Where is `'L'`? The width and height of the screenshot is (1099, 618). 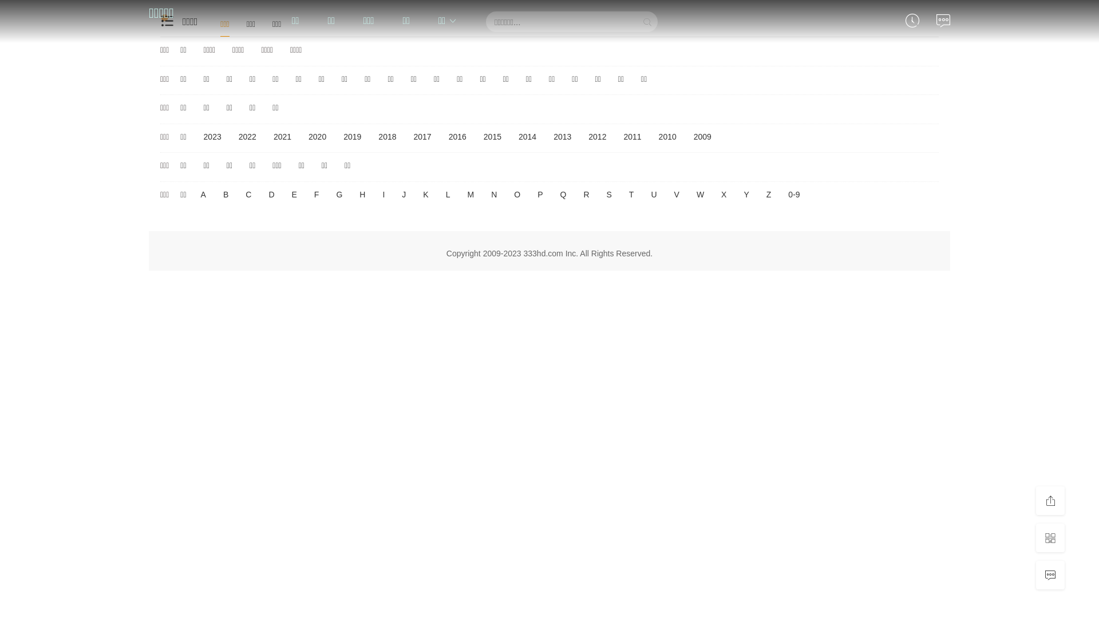
'L' is located at coordinates (442, 194).